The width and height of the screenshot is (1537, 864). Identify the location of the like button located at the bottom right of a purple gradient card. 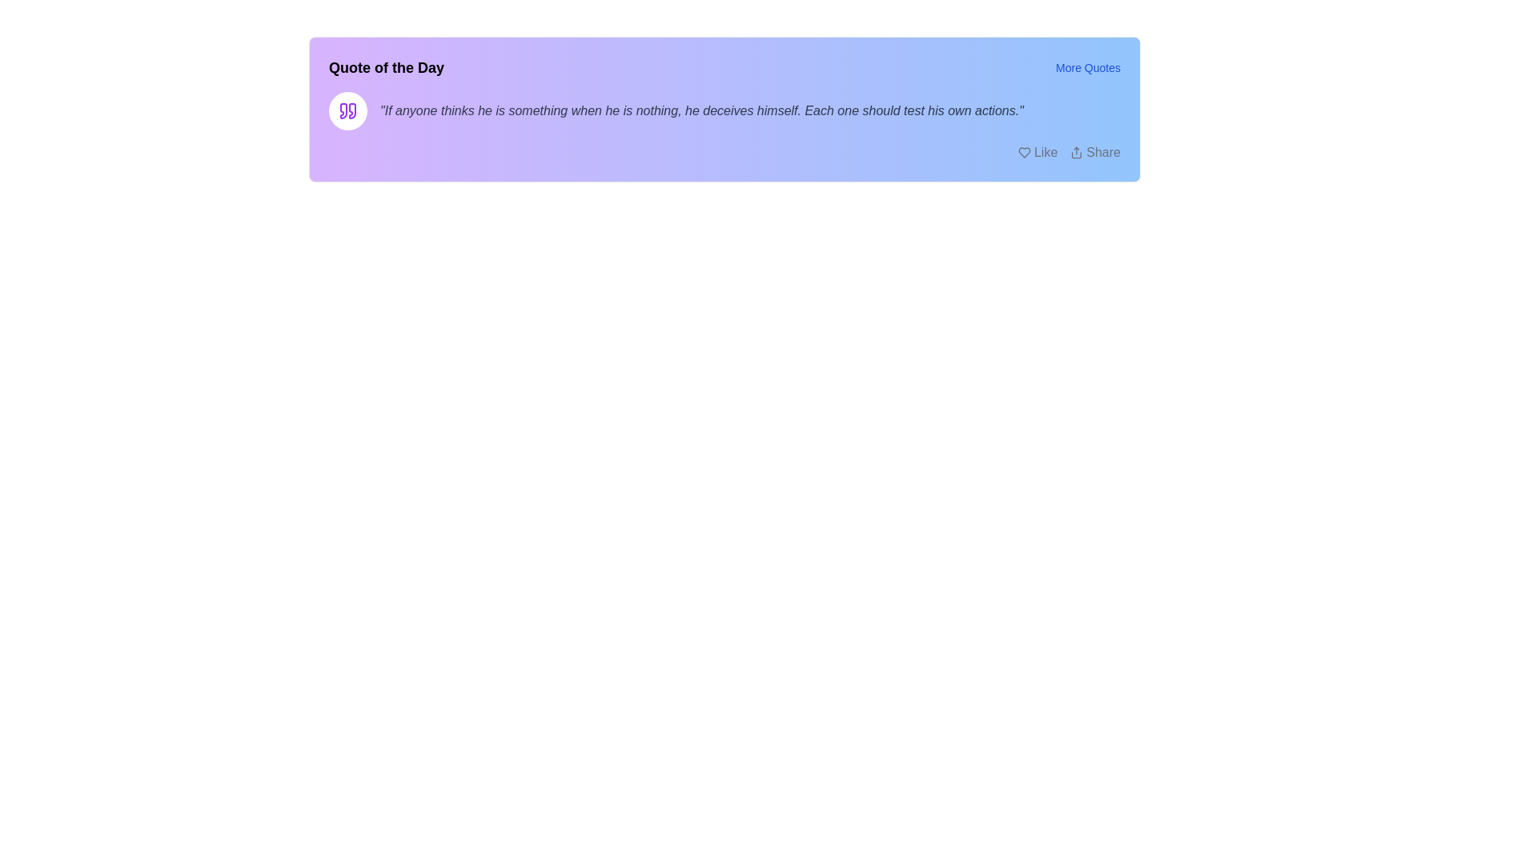
(1037, 153).